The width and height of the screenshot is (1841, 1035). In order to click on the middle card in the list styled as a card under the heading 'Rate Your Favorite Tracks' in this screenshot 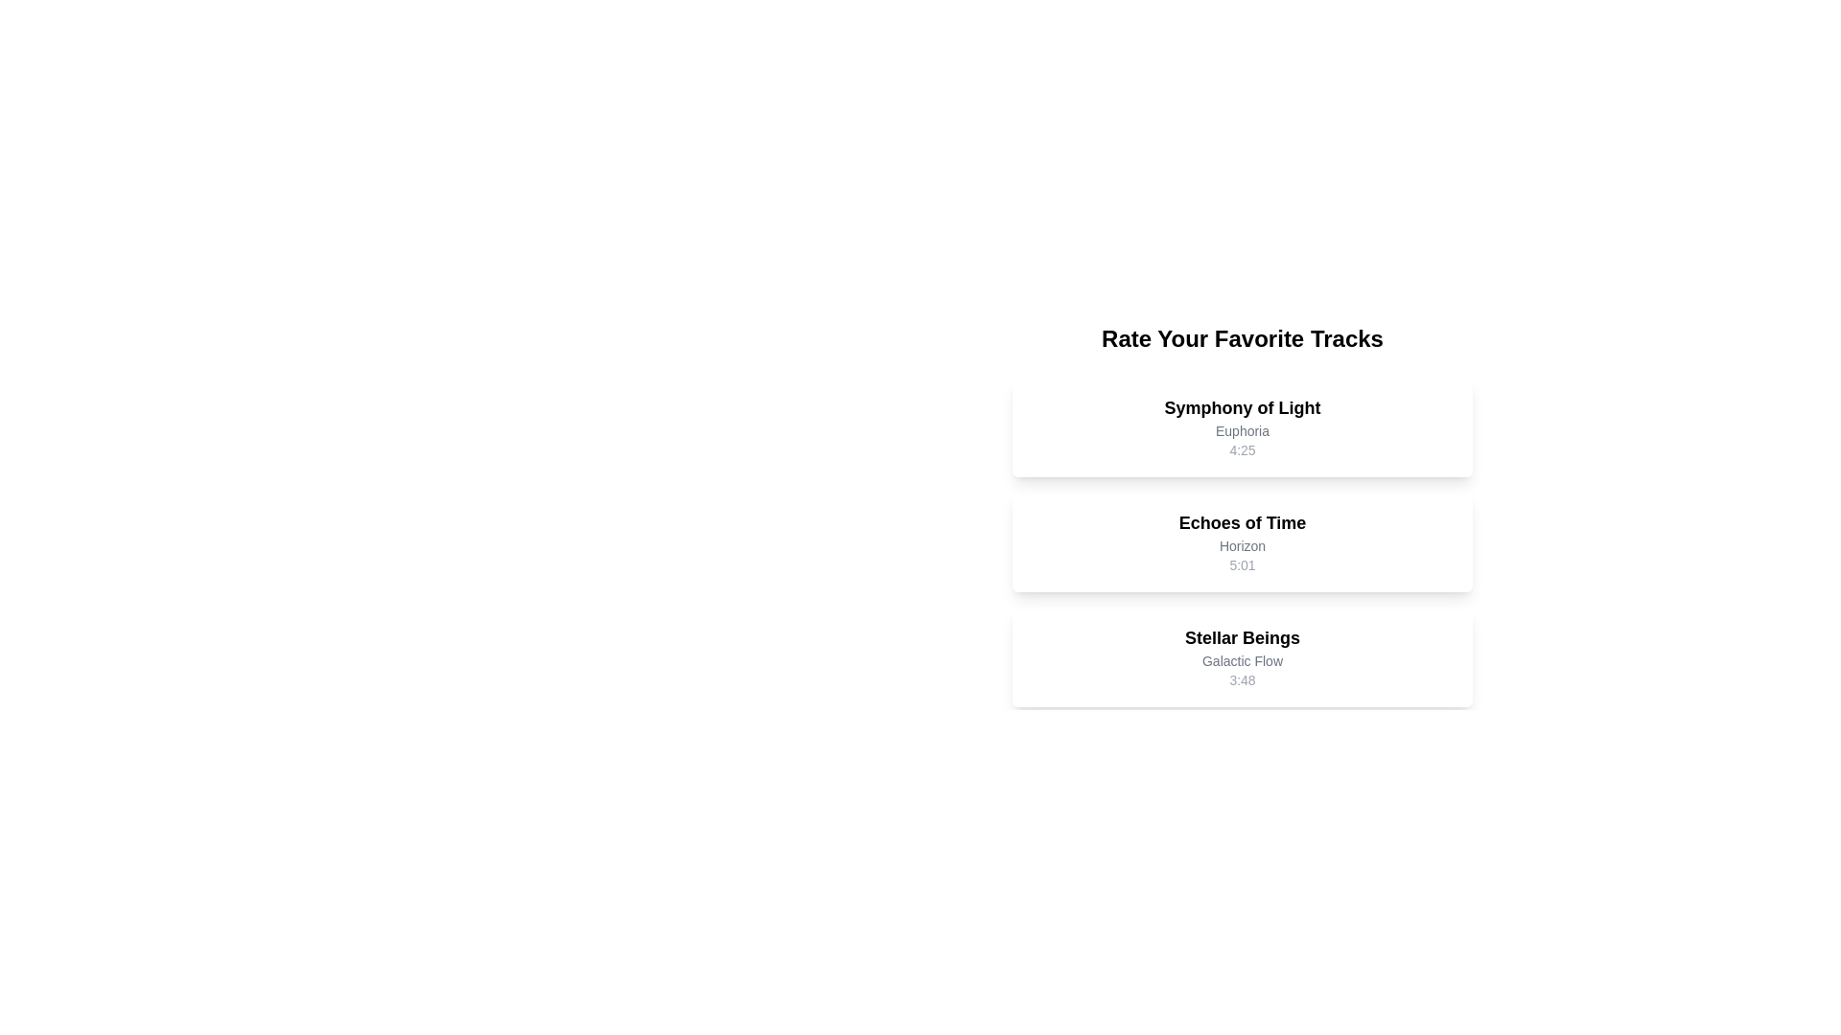, I will do `click(1243, 514)`.